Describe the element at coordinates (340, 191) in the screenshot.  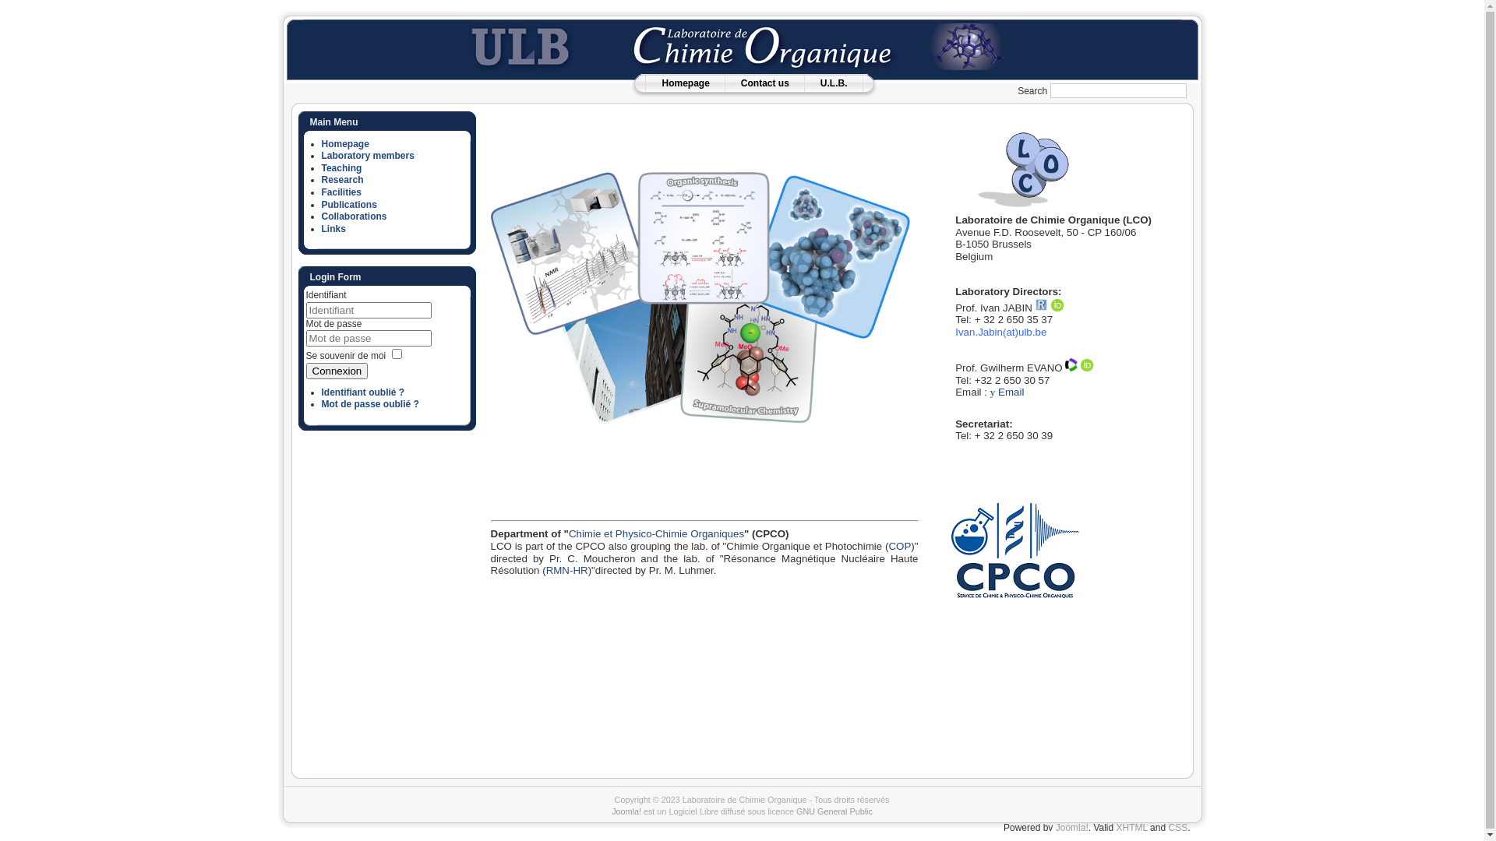
I see `'Facilities'` at that location.